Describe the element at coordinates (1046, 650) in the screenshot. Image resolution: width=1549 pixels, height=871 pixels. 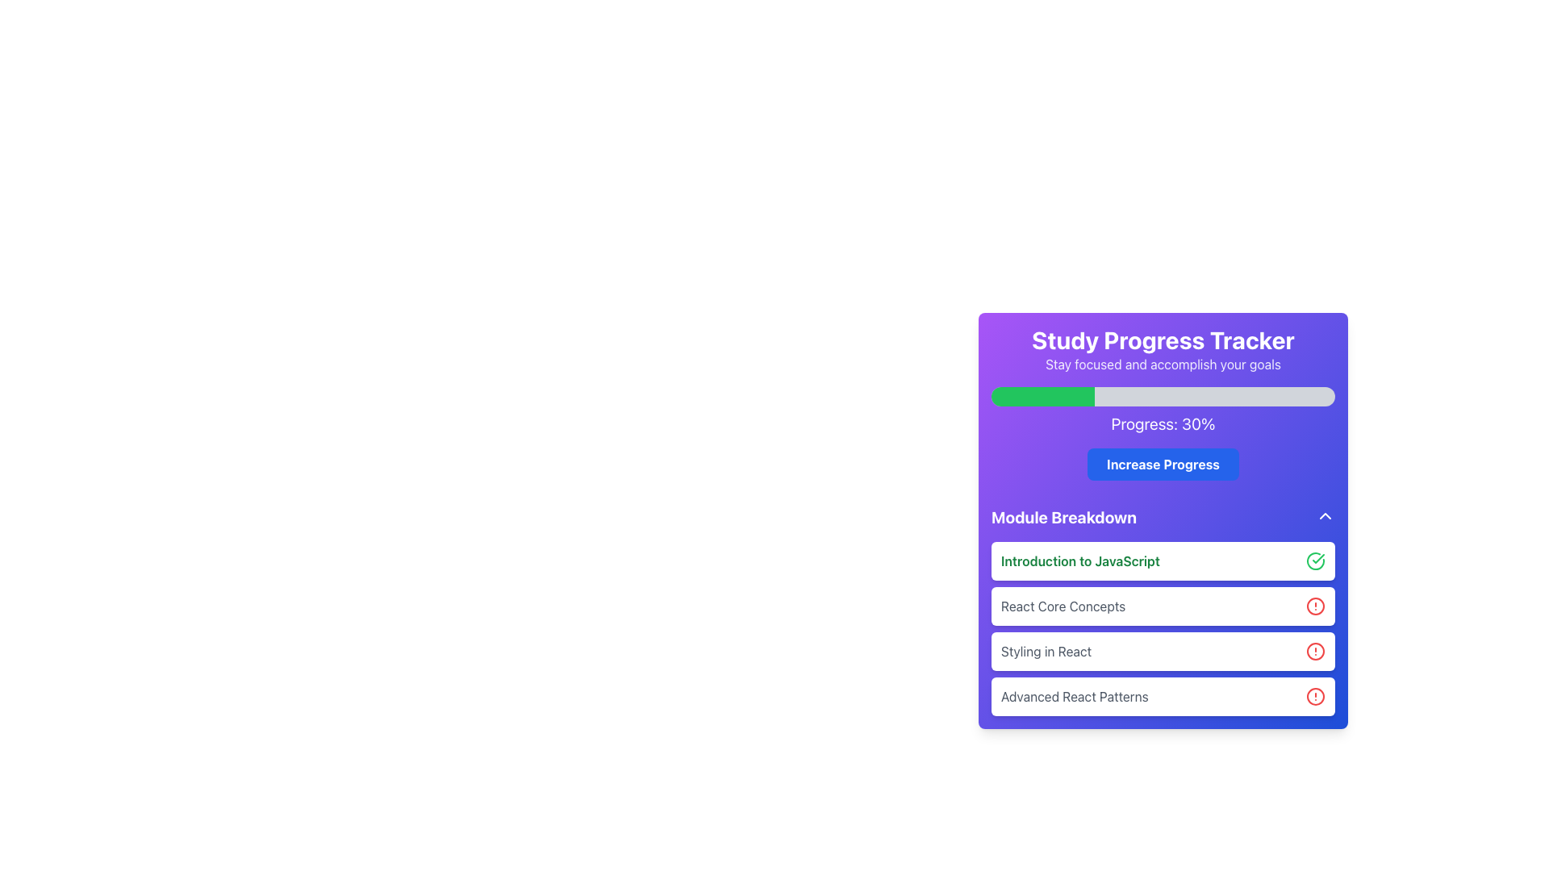
I see `the label for the learning module titled as the third item in the 'Module Breakdown' section, located below 'Introduction to JavaScript' and 'React Core Concepts'` at that location.